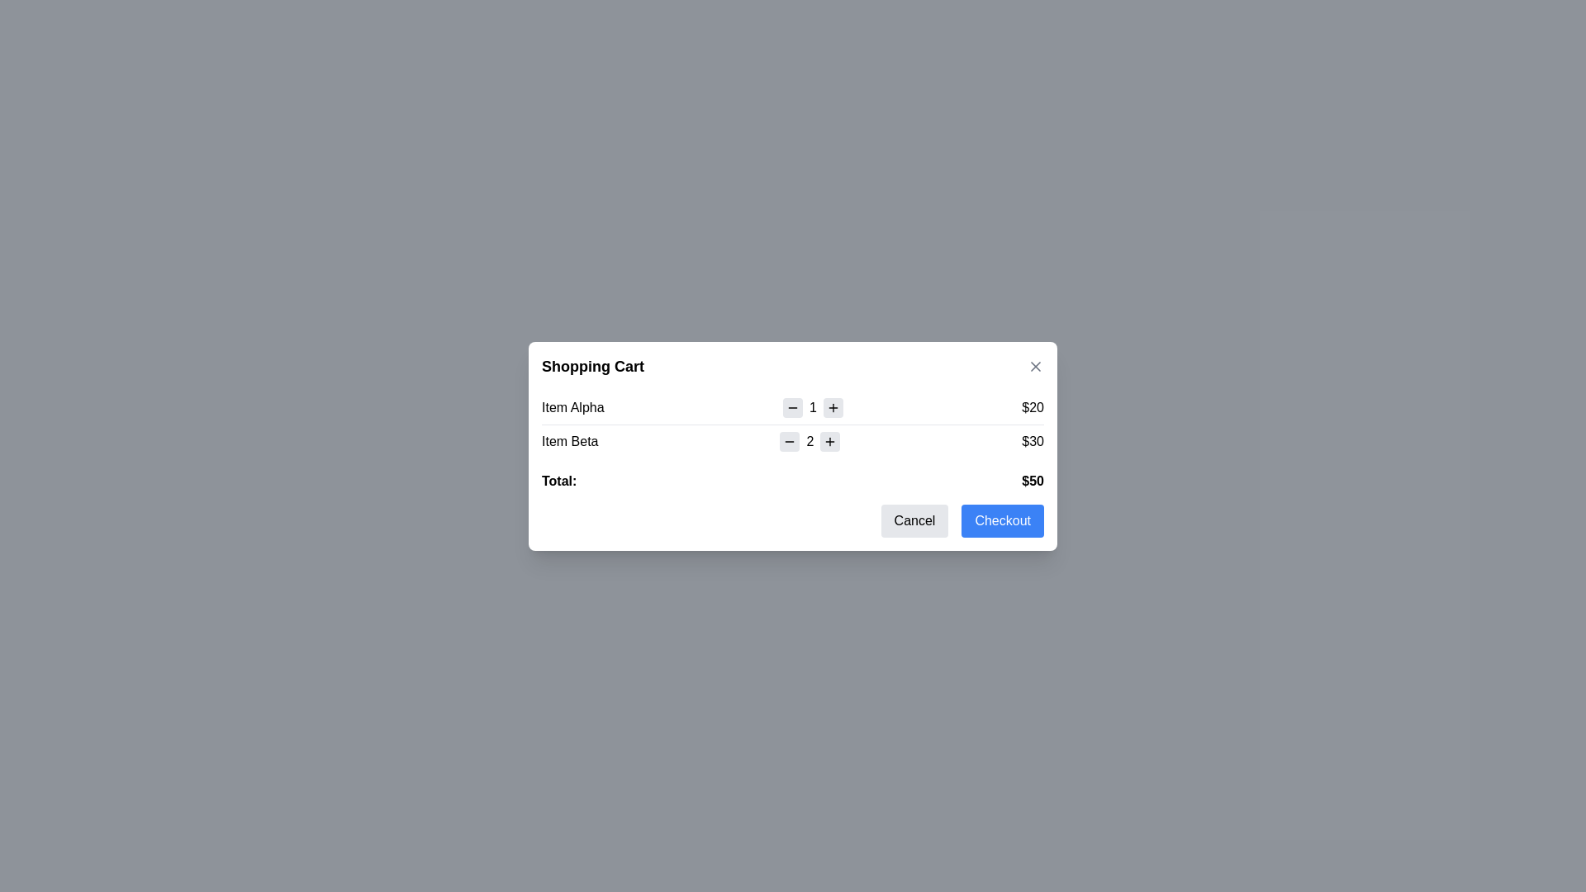  I want to click on the numeric value in the quantity adjustment control for 'Item Beta' to focus it, so click(810, 440).